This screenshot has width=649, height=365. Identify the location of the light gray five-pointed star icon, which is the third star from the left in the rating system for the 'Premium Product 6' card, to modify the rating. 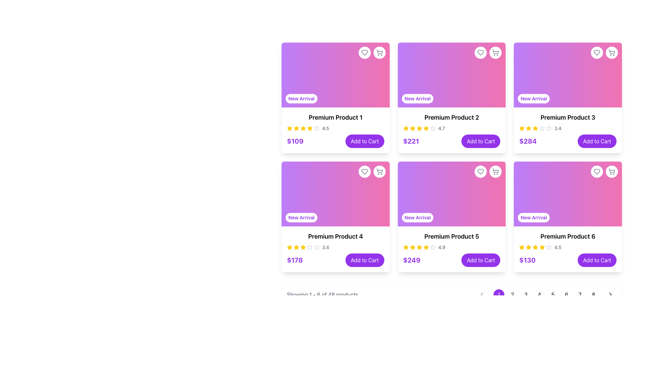
(549, 247).